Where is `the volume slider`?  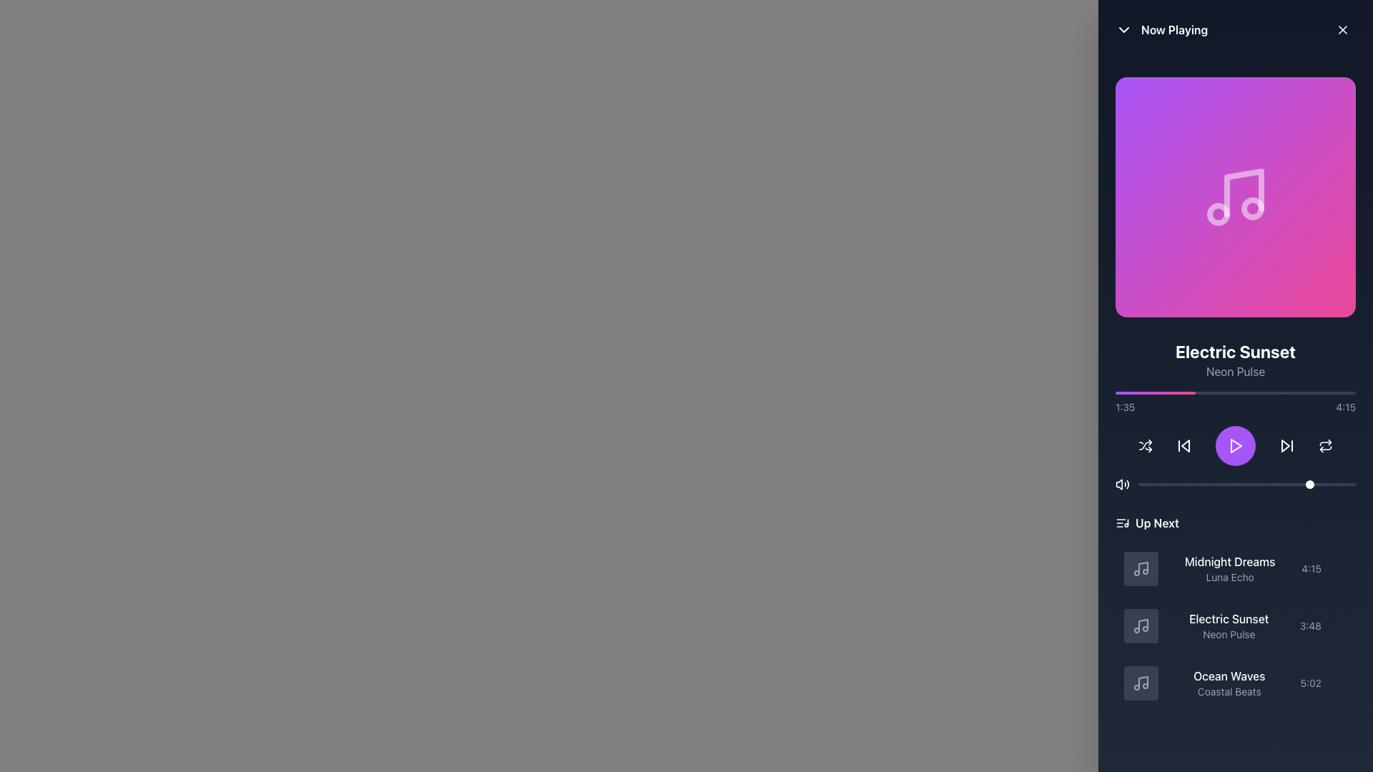
the volume slider is located at coordinates (1173, 484).